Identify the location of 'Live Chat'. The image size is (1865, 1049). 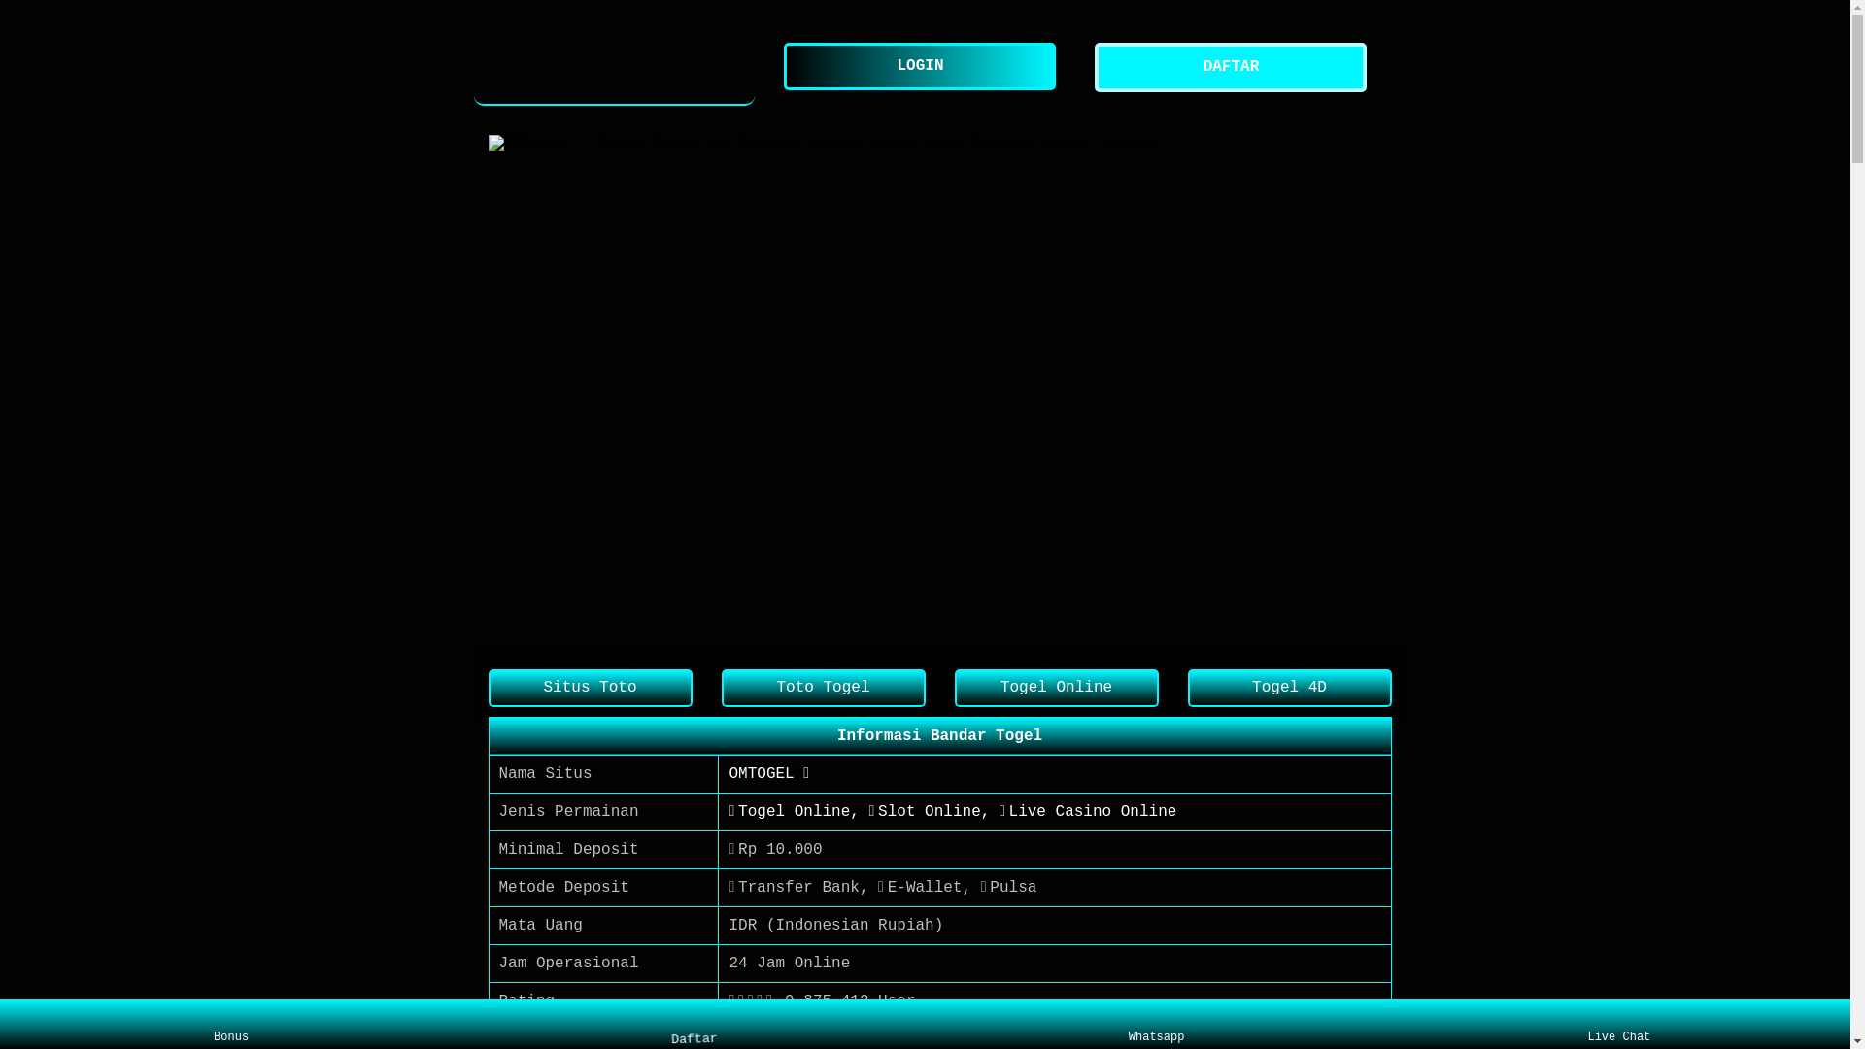
(1618, 1024).